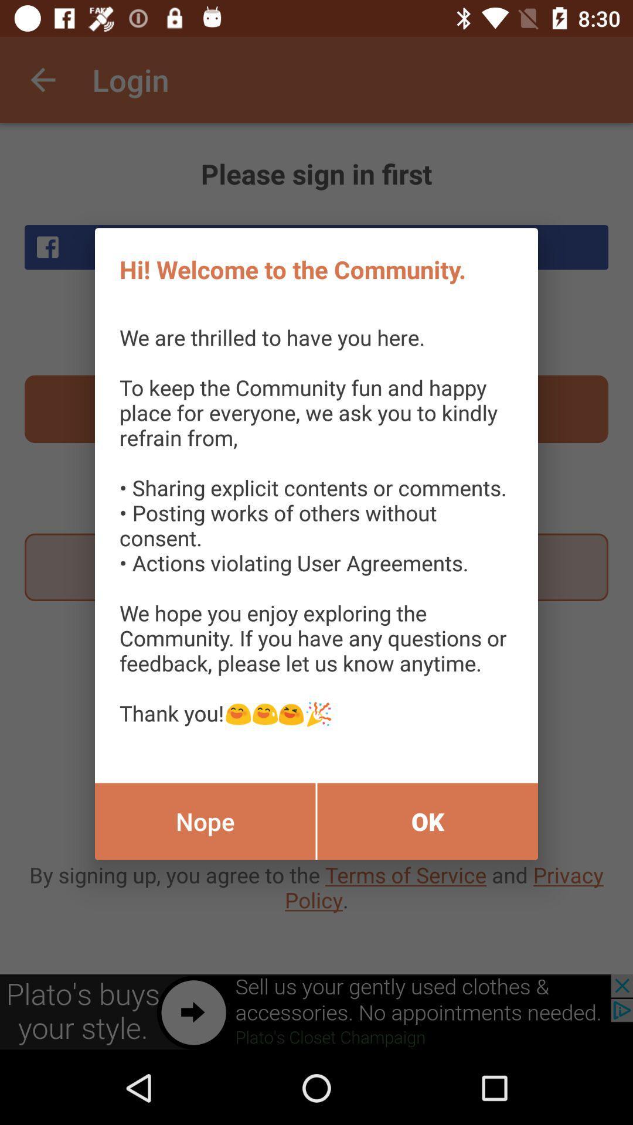 Image resolution: width=633 pixels, height=1125 pixels. Describe the element at coordinates (205, 821) in the screenshot. I see `the item below we are thrilled item` at that location.